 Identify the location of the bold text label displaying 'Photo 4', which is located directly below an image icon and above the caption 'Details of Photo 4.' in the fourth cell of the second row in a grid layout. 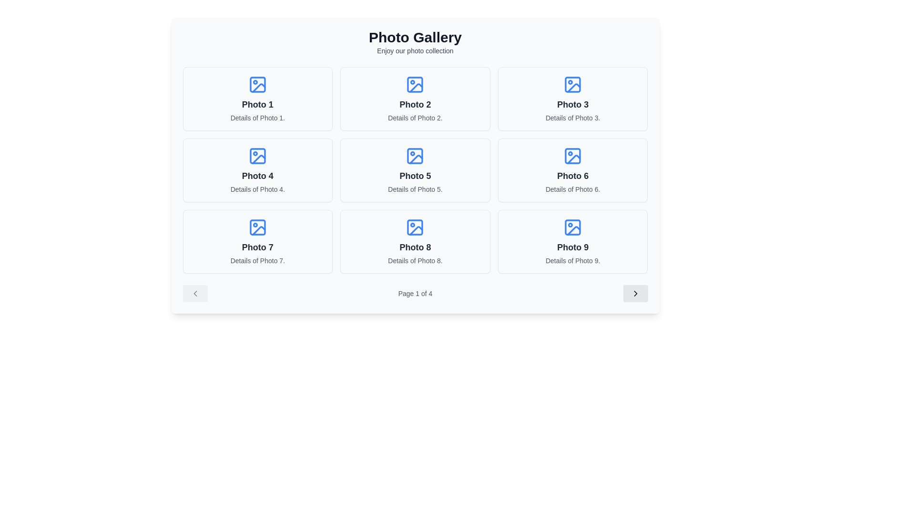
(257, 176).